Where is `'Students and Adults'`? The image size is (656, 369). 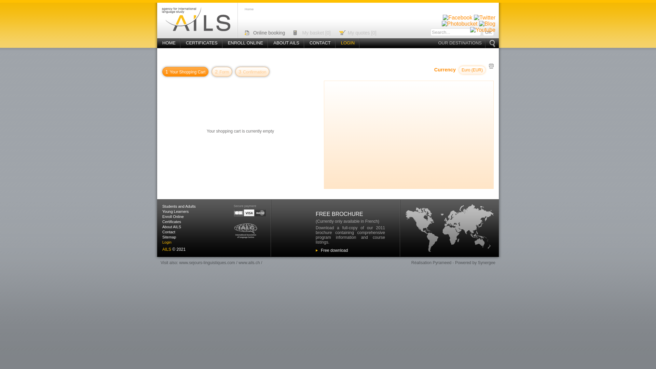 'Students and Adults' is located at coordinates (162, 206).